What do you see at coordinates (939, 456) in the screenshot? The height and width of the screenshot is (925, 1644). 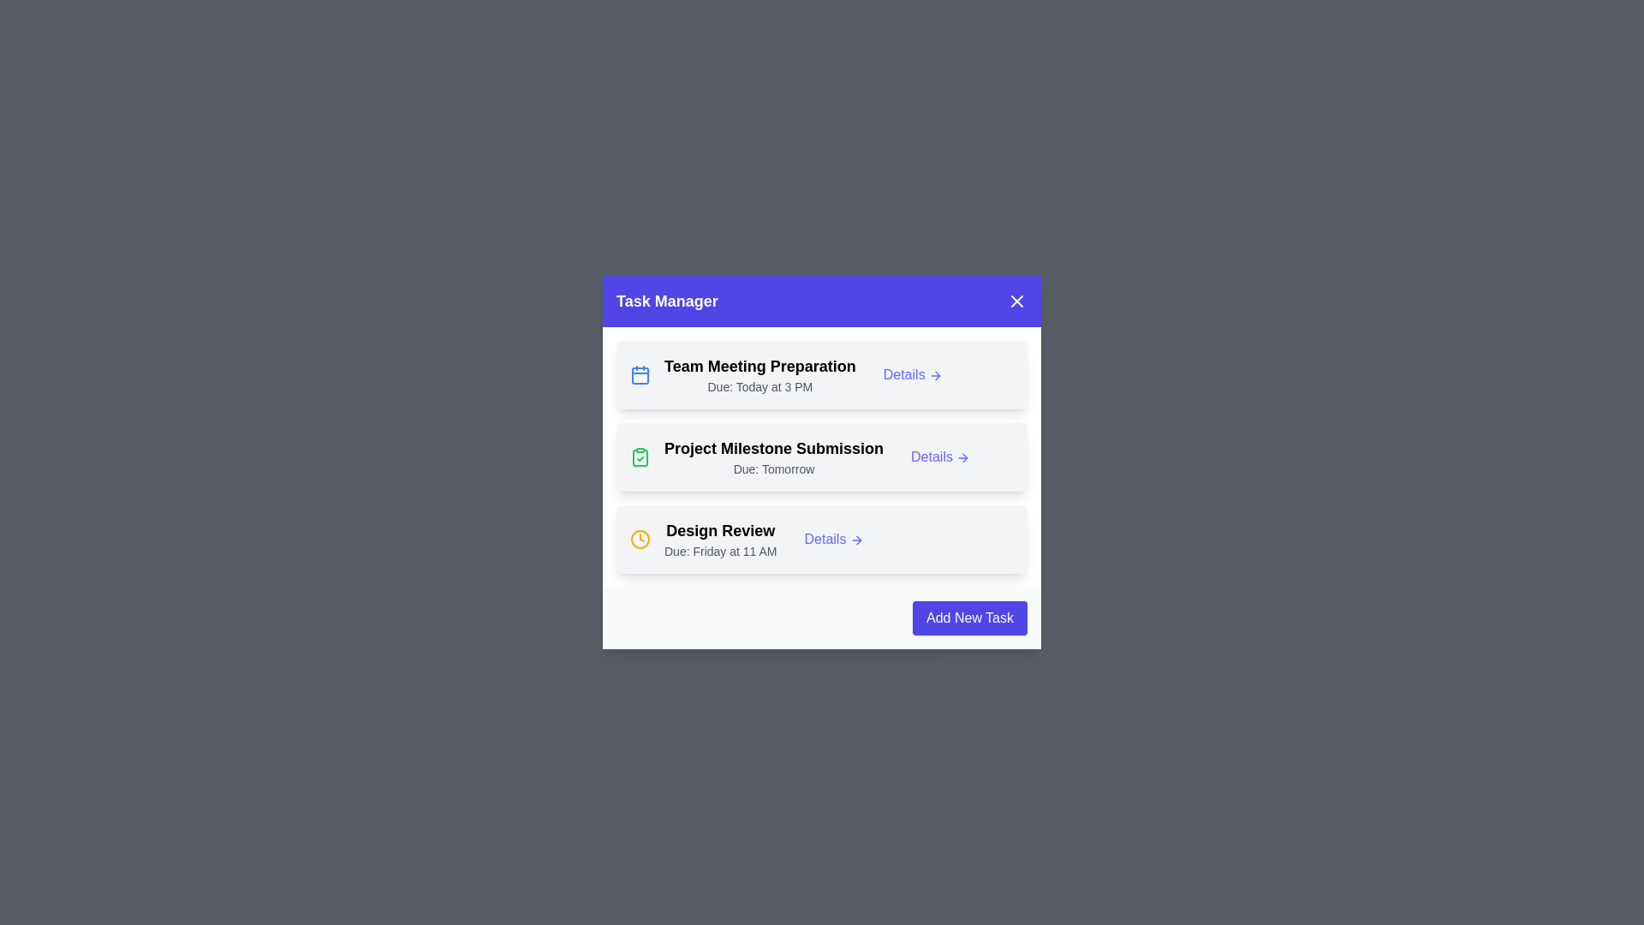 I see `the 'Details' button with indigo text located to the right of 'Project Milestone Submission'` at bounding box center [939, 456].